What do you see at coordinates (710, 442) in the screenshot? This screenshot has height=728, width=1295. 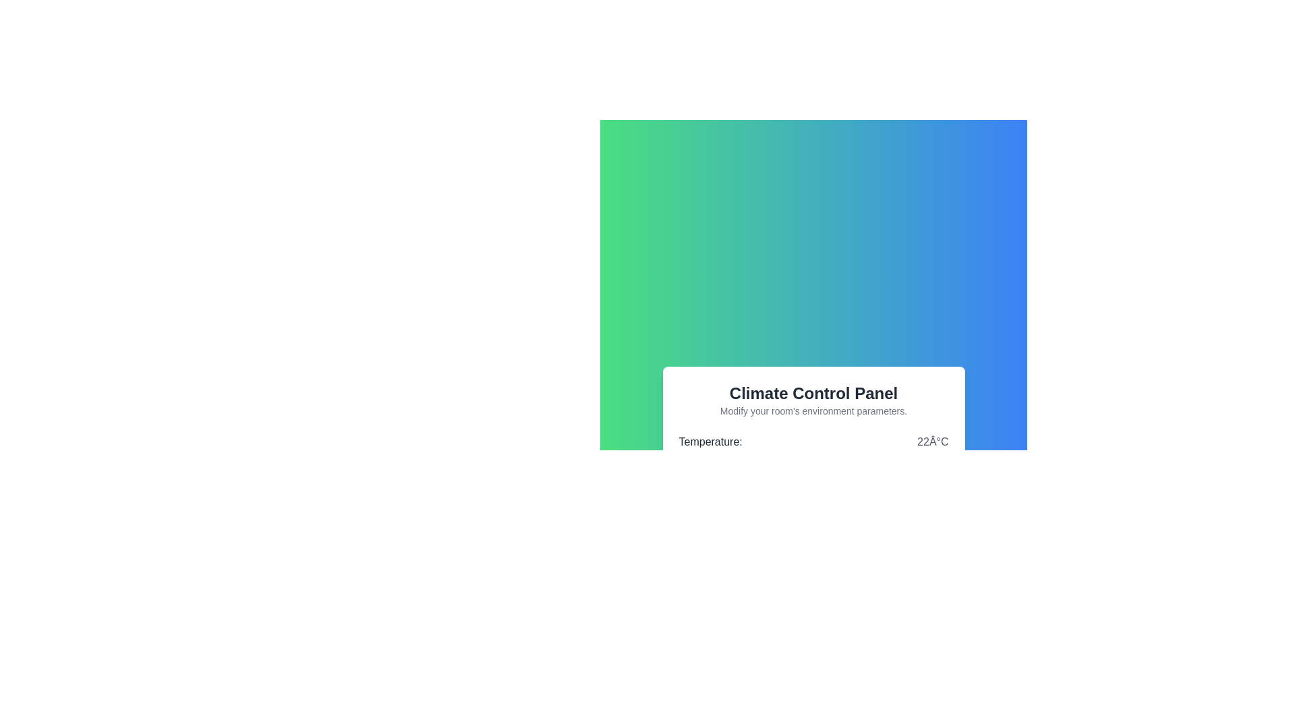 I see `the static text label indicating the nature of the value displayed to its right, which is the current temperature in the room` at bounding box center [710, 442].